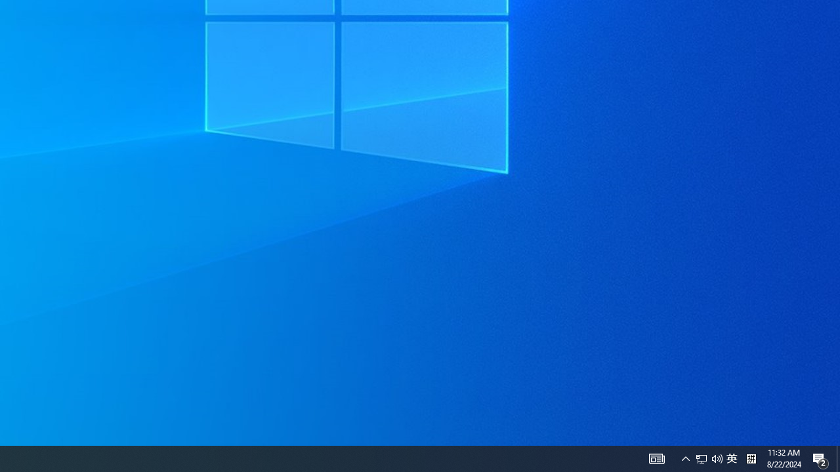 Image resolution: width=840 pixels, height=472 pixels. Describe the element at coordinates (731, 458) in the screenshot. I see `'Tray Input Indicator - Chinese (Simplified, China)'` at that location.